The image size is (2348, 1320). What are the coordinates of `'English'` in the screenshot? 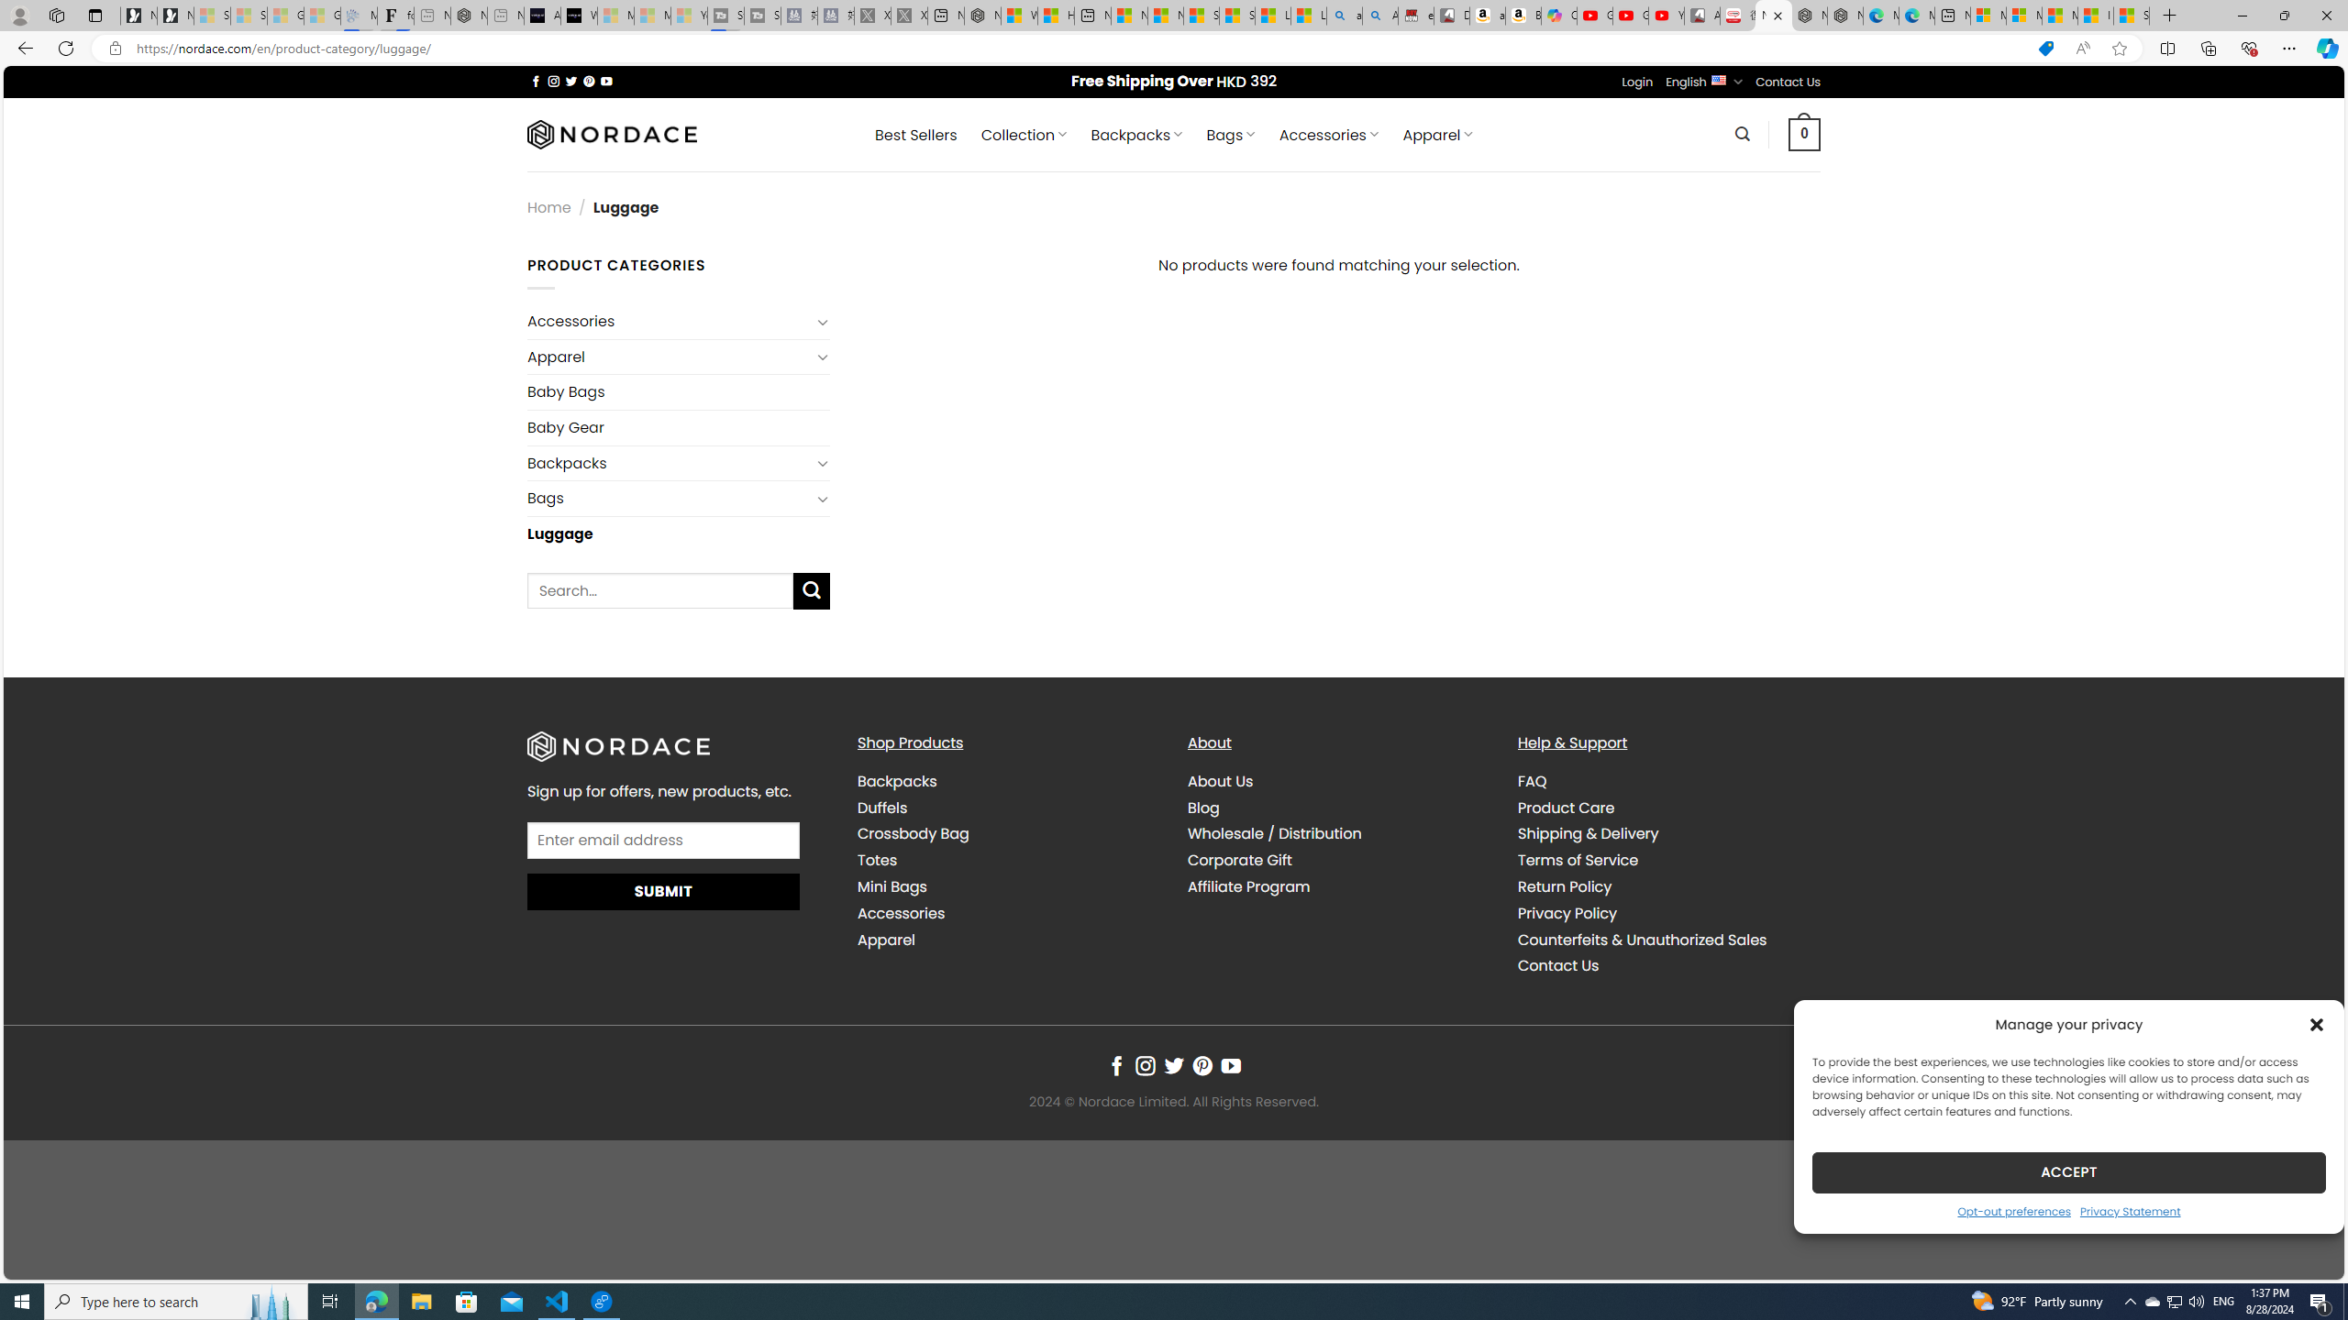 It's located at (1717, 80).